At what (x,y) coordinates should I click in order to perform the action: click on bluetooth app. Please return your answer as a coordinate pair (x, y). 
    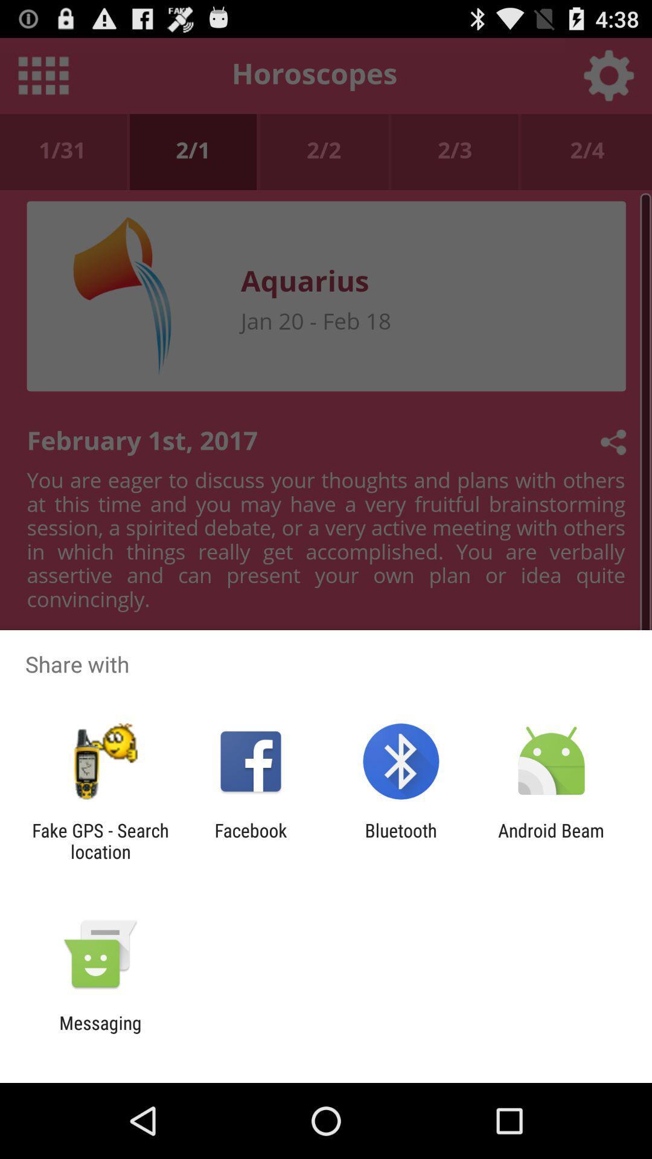
    Looking at the image, I should click on (401, 840).